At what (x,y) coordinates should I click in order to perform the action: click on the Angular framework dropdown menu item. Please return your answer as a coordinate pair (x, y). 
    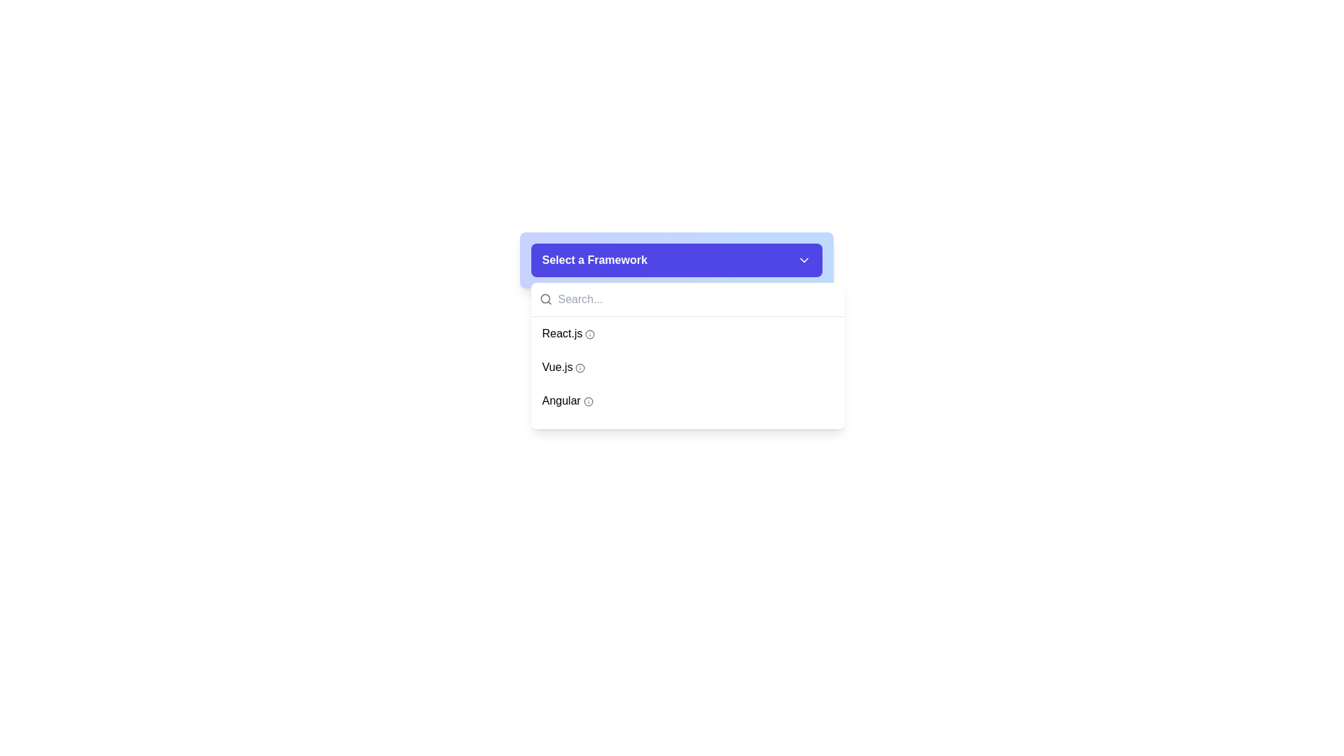
    Looking at the image, I should click on (568, 401).